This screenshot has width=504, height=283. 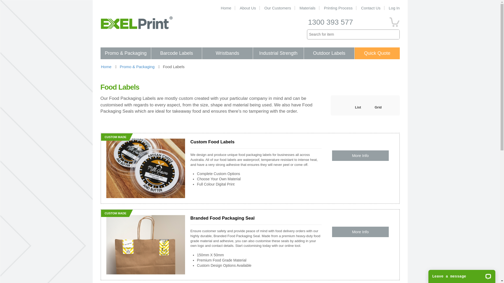 What do you see at coordinates (176, 53) in the screenshot?
I see `'Barcode Labels'` at bounding box center [176, 53].